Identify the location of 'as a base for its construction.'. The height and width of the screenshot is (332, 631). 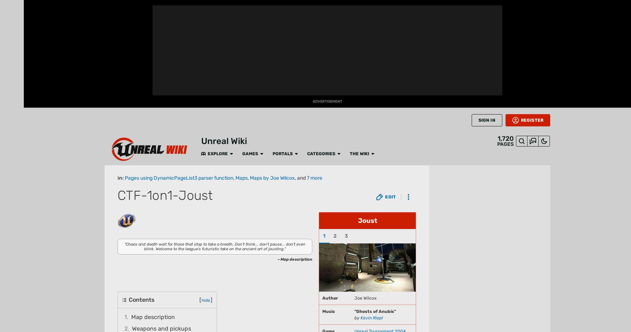
(266, 145).